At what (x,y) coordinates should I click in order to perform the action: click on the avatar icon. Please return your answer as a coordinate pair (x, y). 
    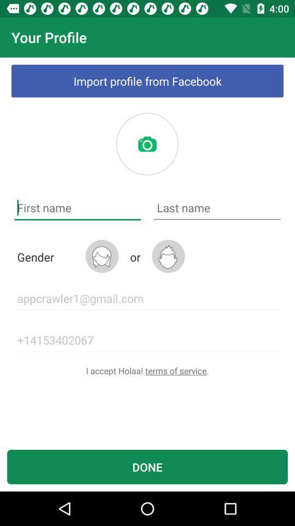
    Looking at the image, I should click on (168, 256).